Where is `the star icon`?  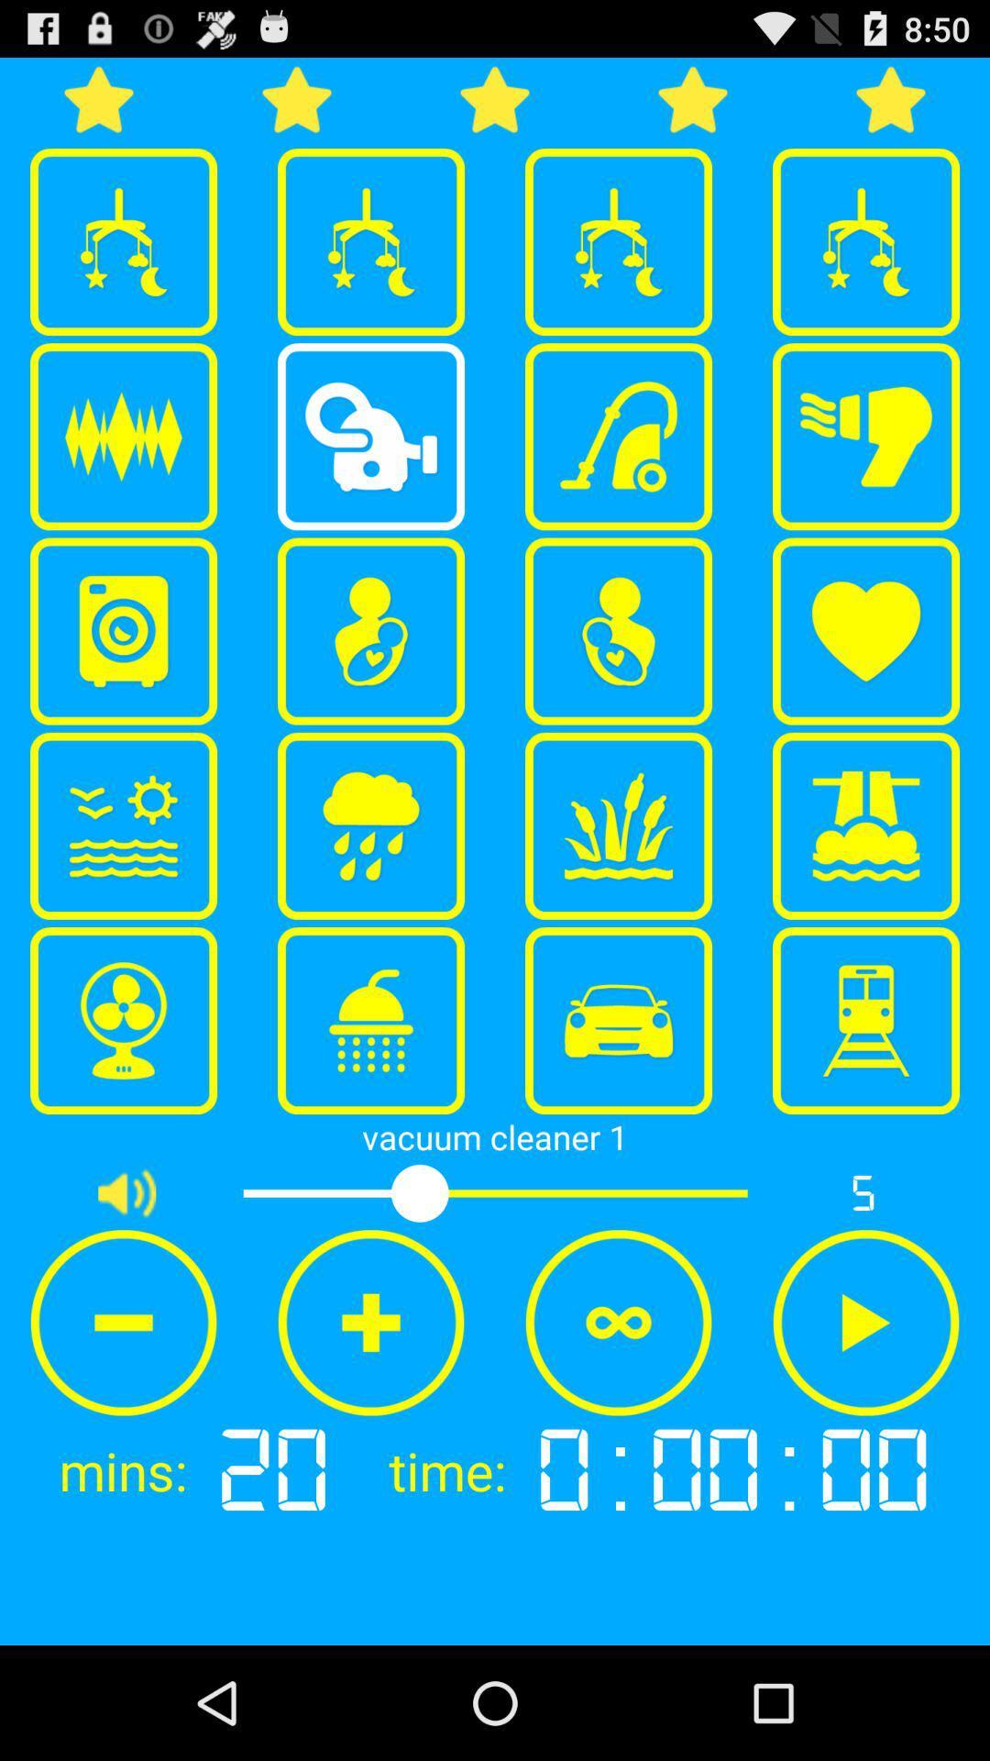
the star icon is located at coordinates (296, 105).